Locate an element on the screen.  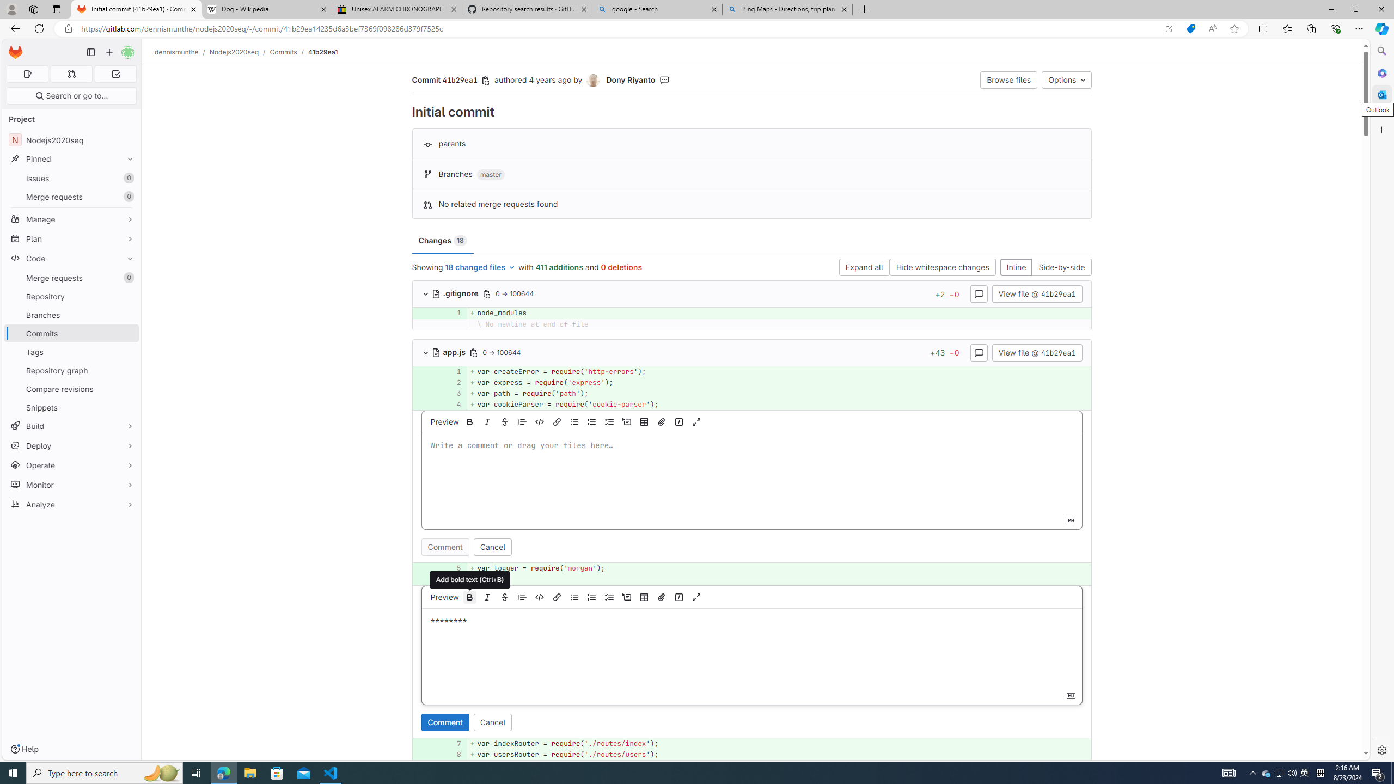
'Build' is located at coordinates (71, 425).